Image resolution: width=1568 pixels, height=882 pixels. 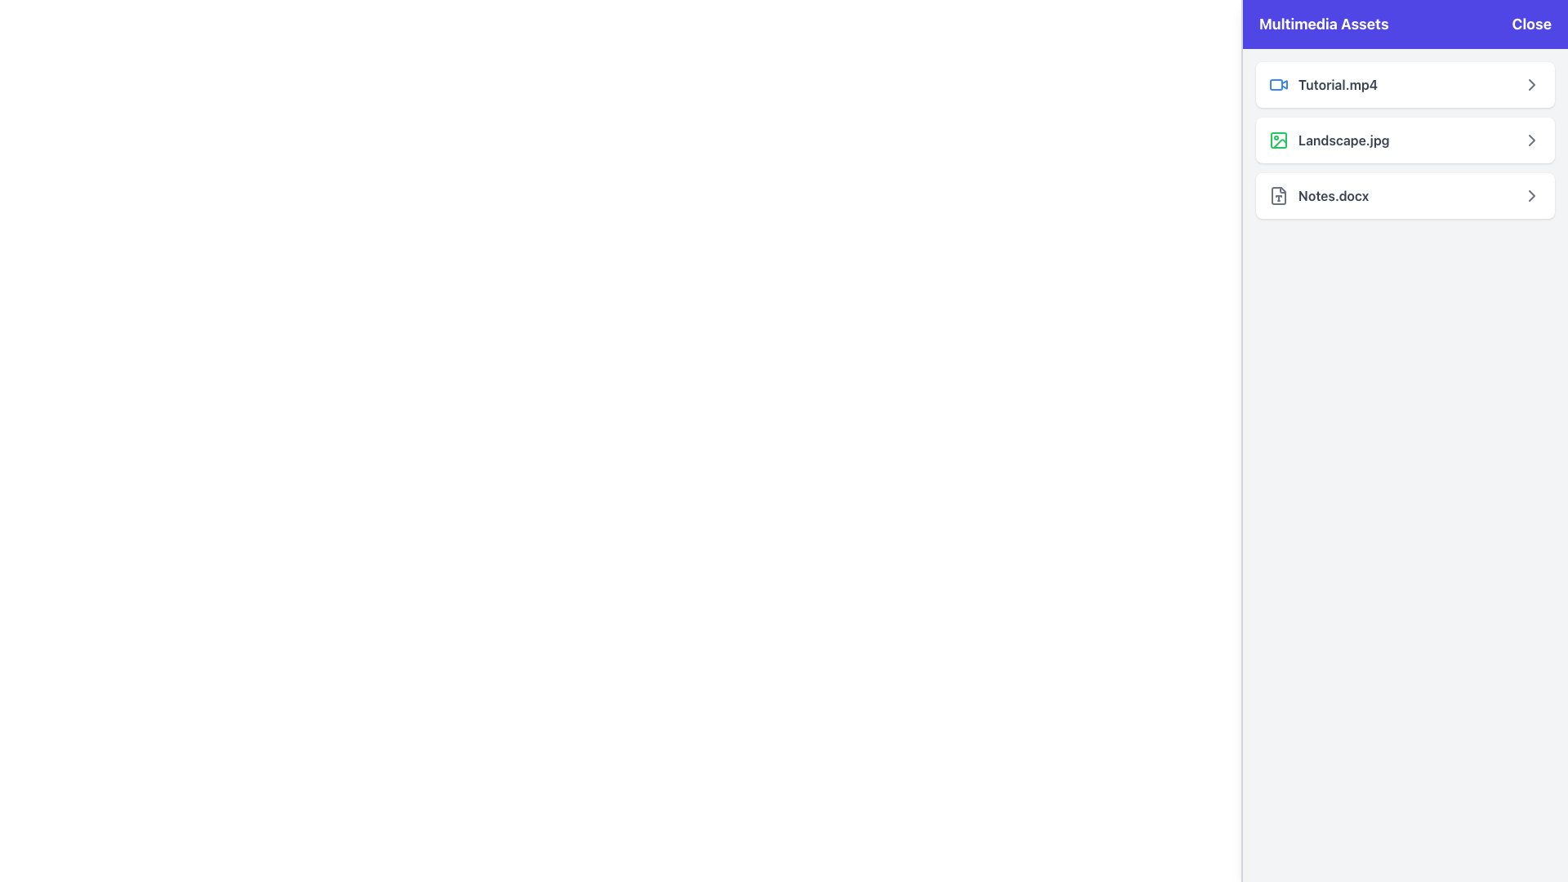 What do you see at coordinates (1405, 85) in the screenshot?
I see `the list item displaying the file named 'Tutorial.mp4'` at bounding box center [1405, 85].